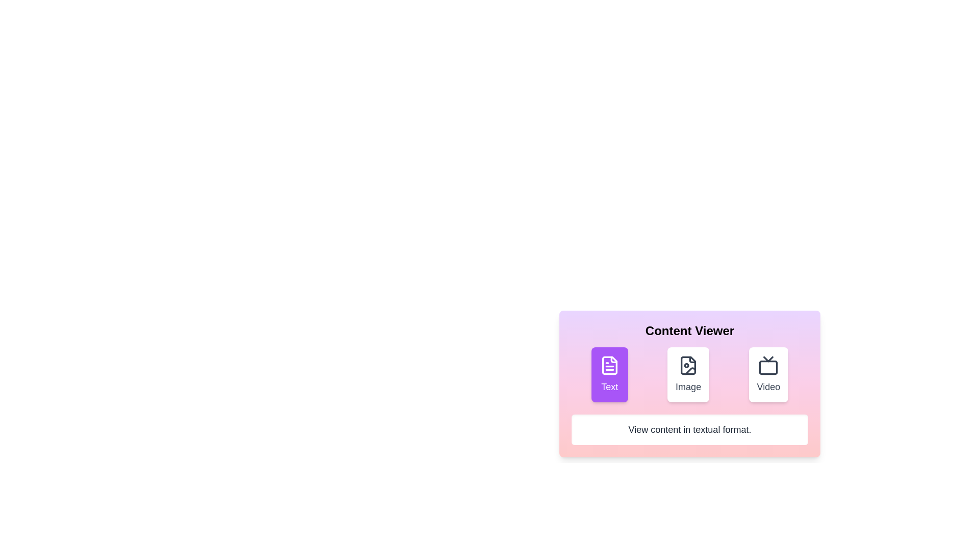 This screenshot has width=979, height=550. What do you see at coordinates (688, 375) in the screenshot?
I see `the display mode by clicking on the corresponding button for Image` at bounding box center [688, 375].